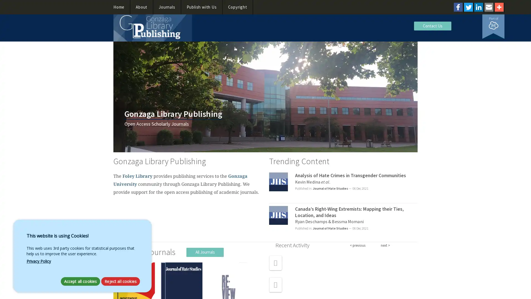 This screenshot has height=299, width=531. What do you see at coordinates (120, 281) in the screenshot?
I see `Reject all cookies` at bounding box center [120, 281].